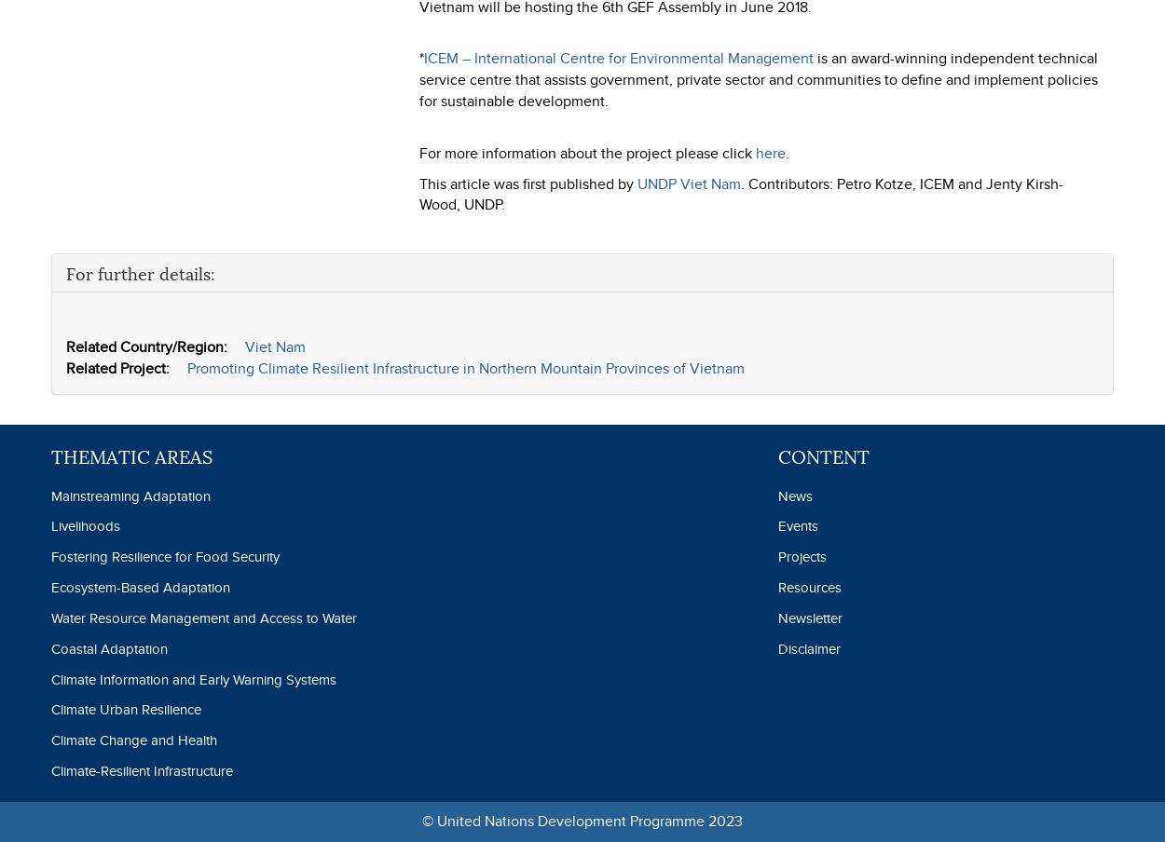  What do you see at coordinates (777, 646) in the screenshot?
I see `'Disclaimer'` at bounding box center [777, 646].